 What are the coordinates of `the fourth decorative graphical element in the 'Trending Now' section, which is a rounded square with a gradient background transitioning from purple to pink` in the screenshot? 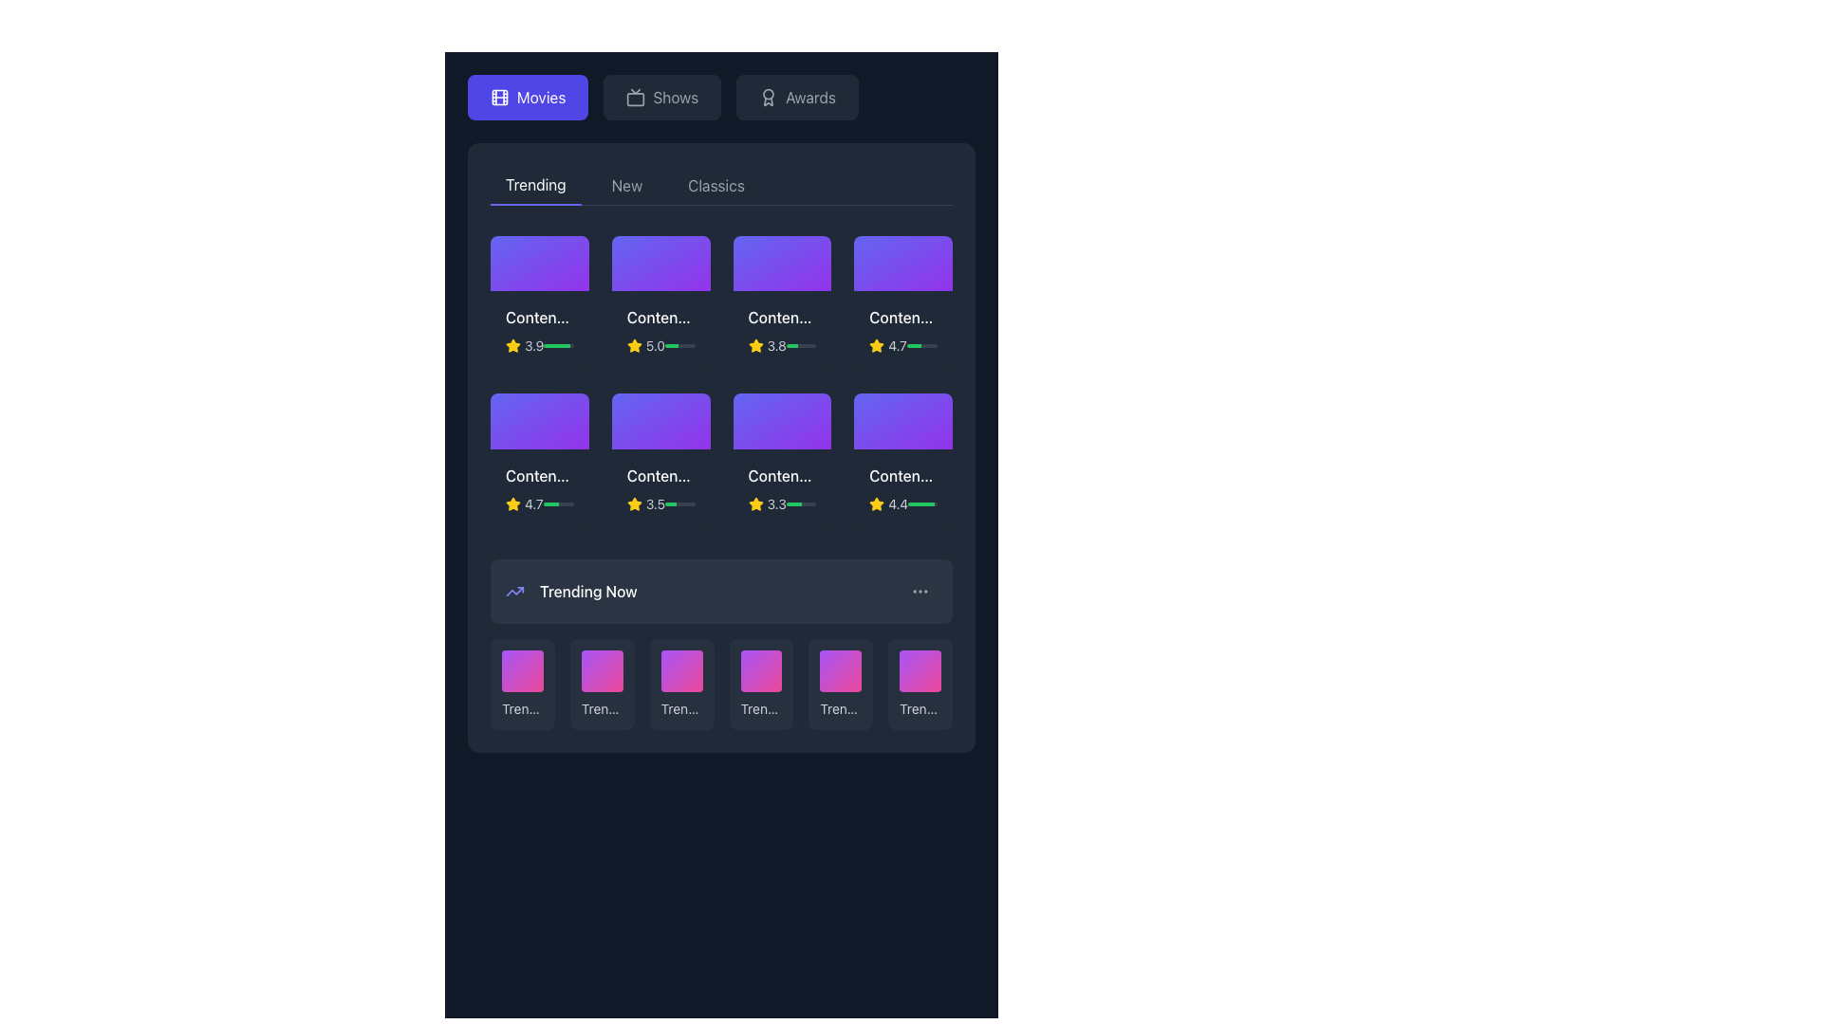 It's located at (761, 669).